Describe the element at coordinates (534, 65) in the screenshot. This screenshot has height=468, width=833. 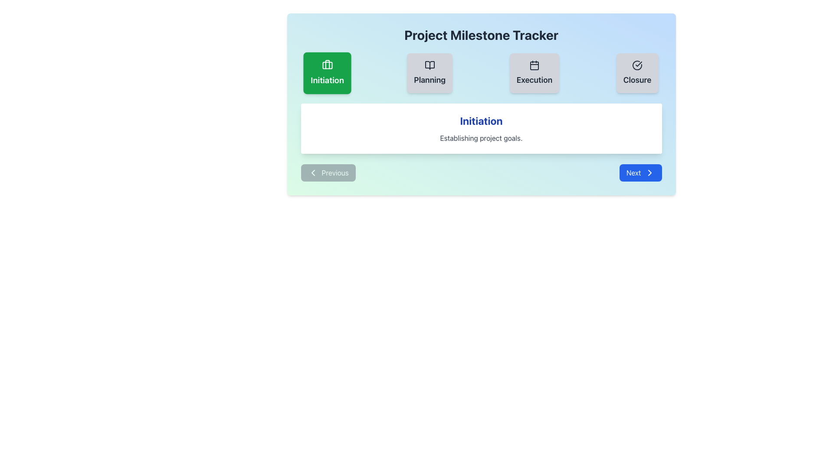
I see `the small dark gray calendar icon located in the center of the 'Execution' button, which is the third button in a row of four horizontally arranged buttons` at that location.